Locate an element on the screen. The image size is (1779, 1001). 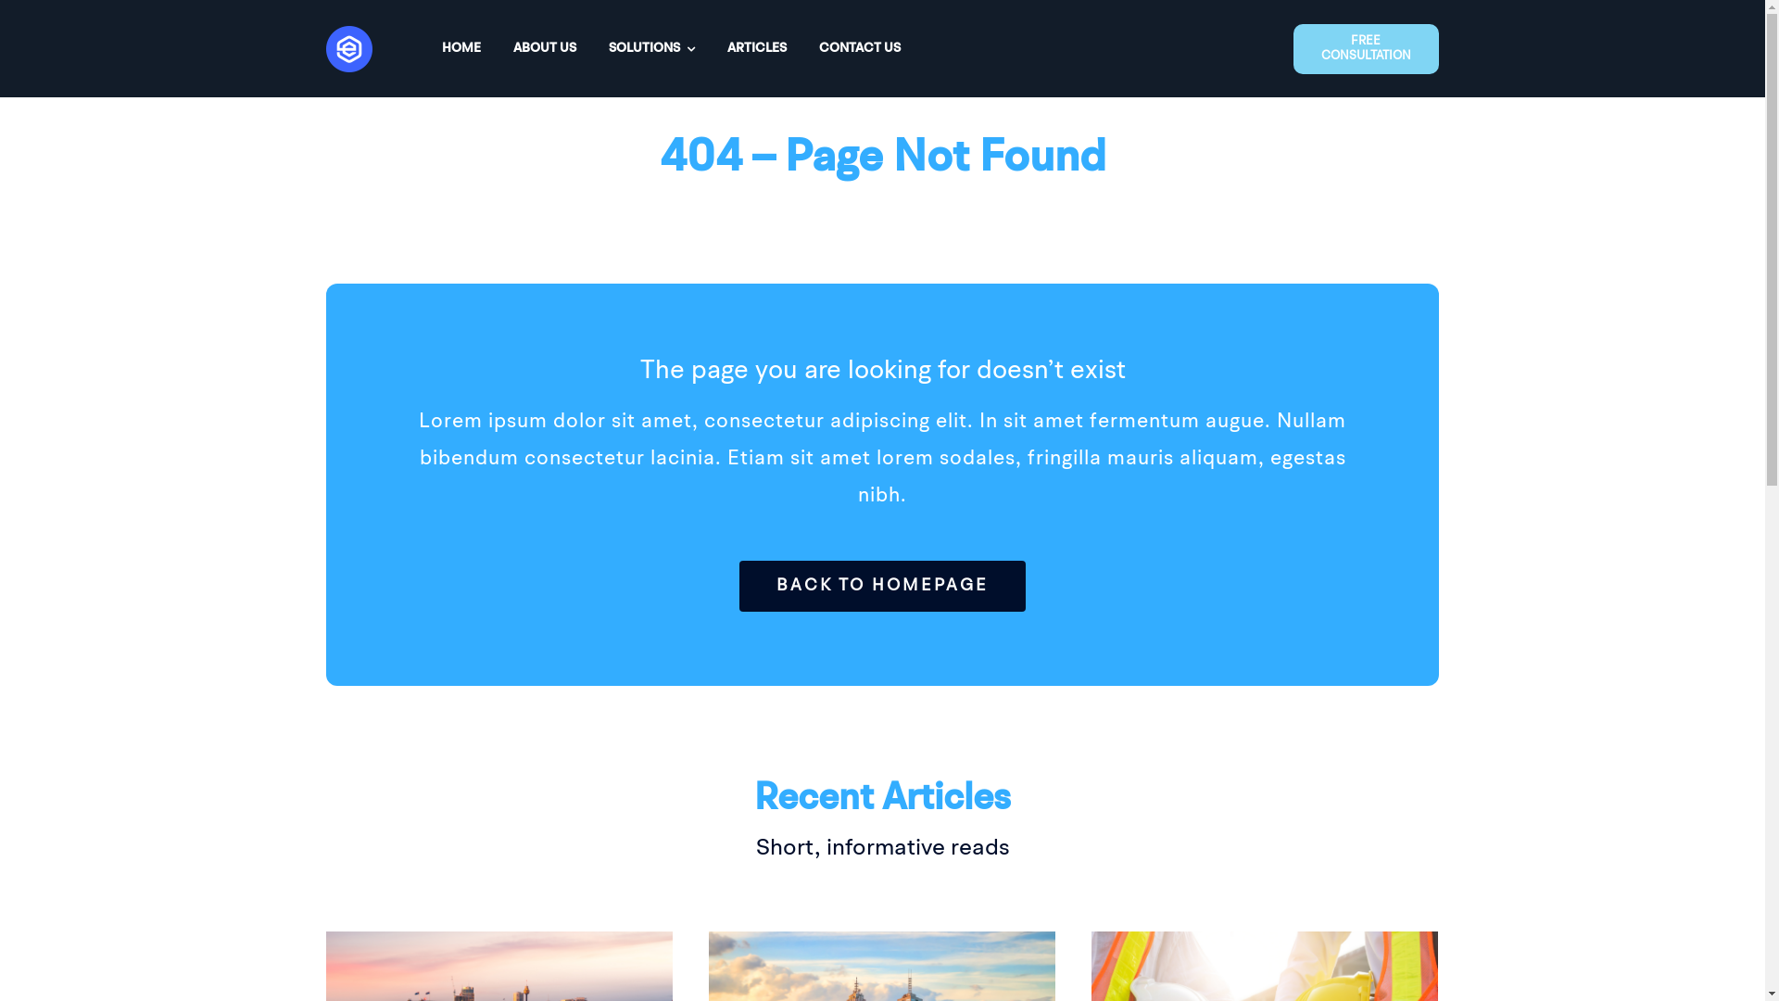
'BACK TO HOMEPAGE' is located at coordinates (881, 586).